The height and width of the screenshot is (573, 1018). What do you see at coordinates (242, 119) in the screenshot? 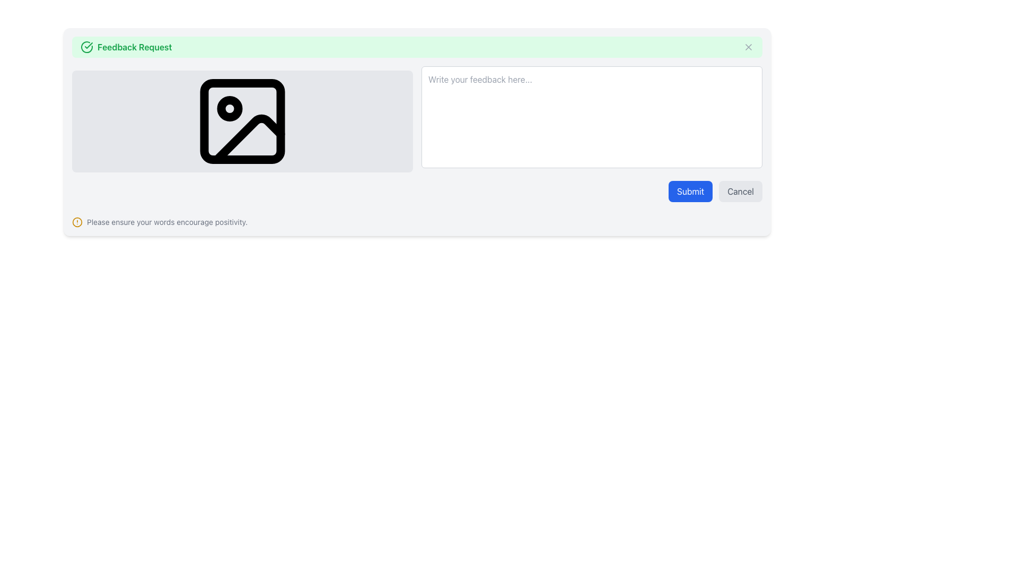
I see `the graphic icon or placeholder located in the first column of the grid layout` at bounding box center [242, 119].